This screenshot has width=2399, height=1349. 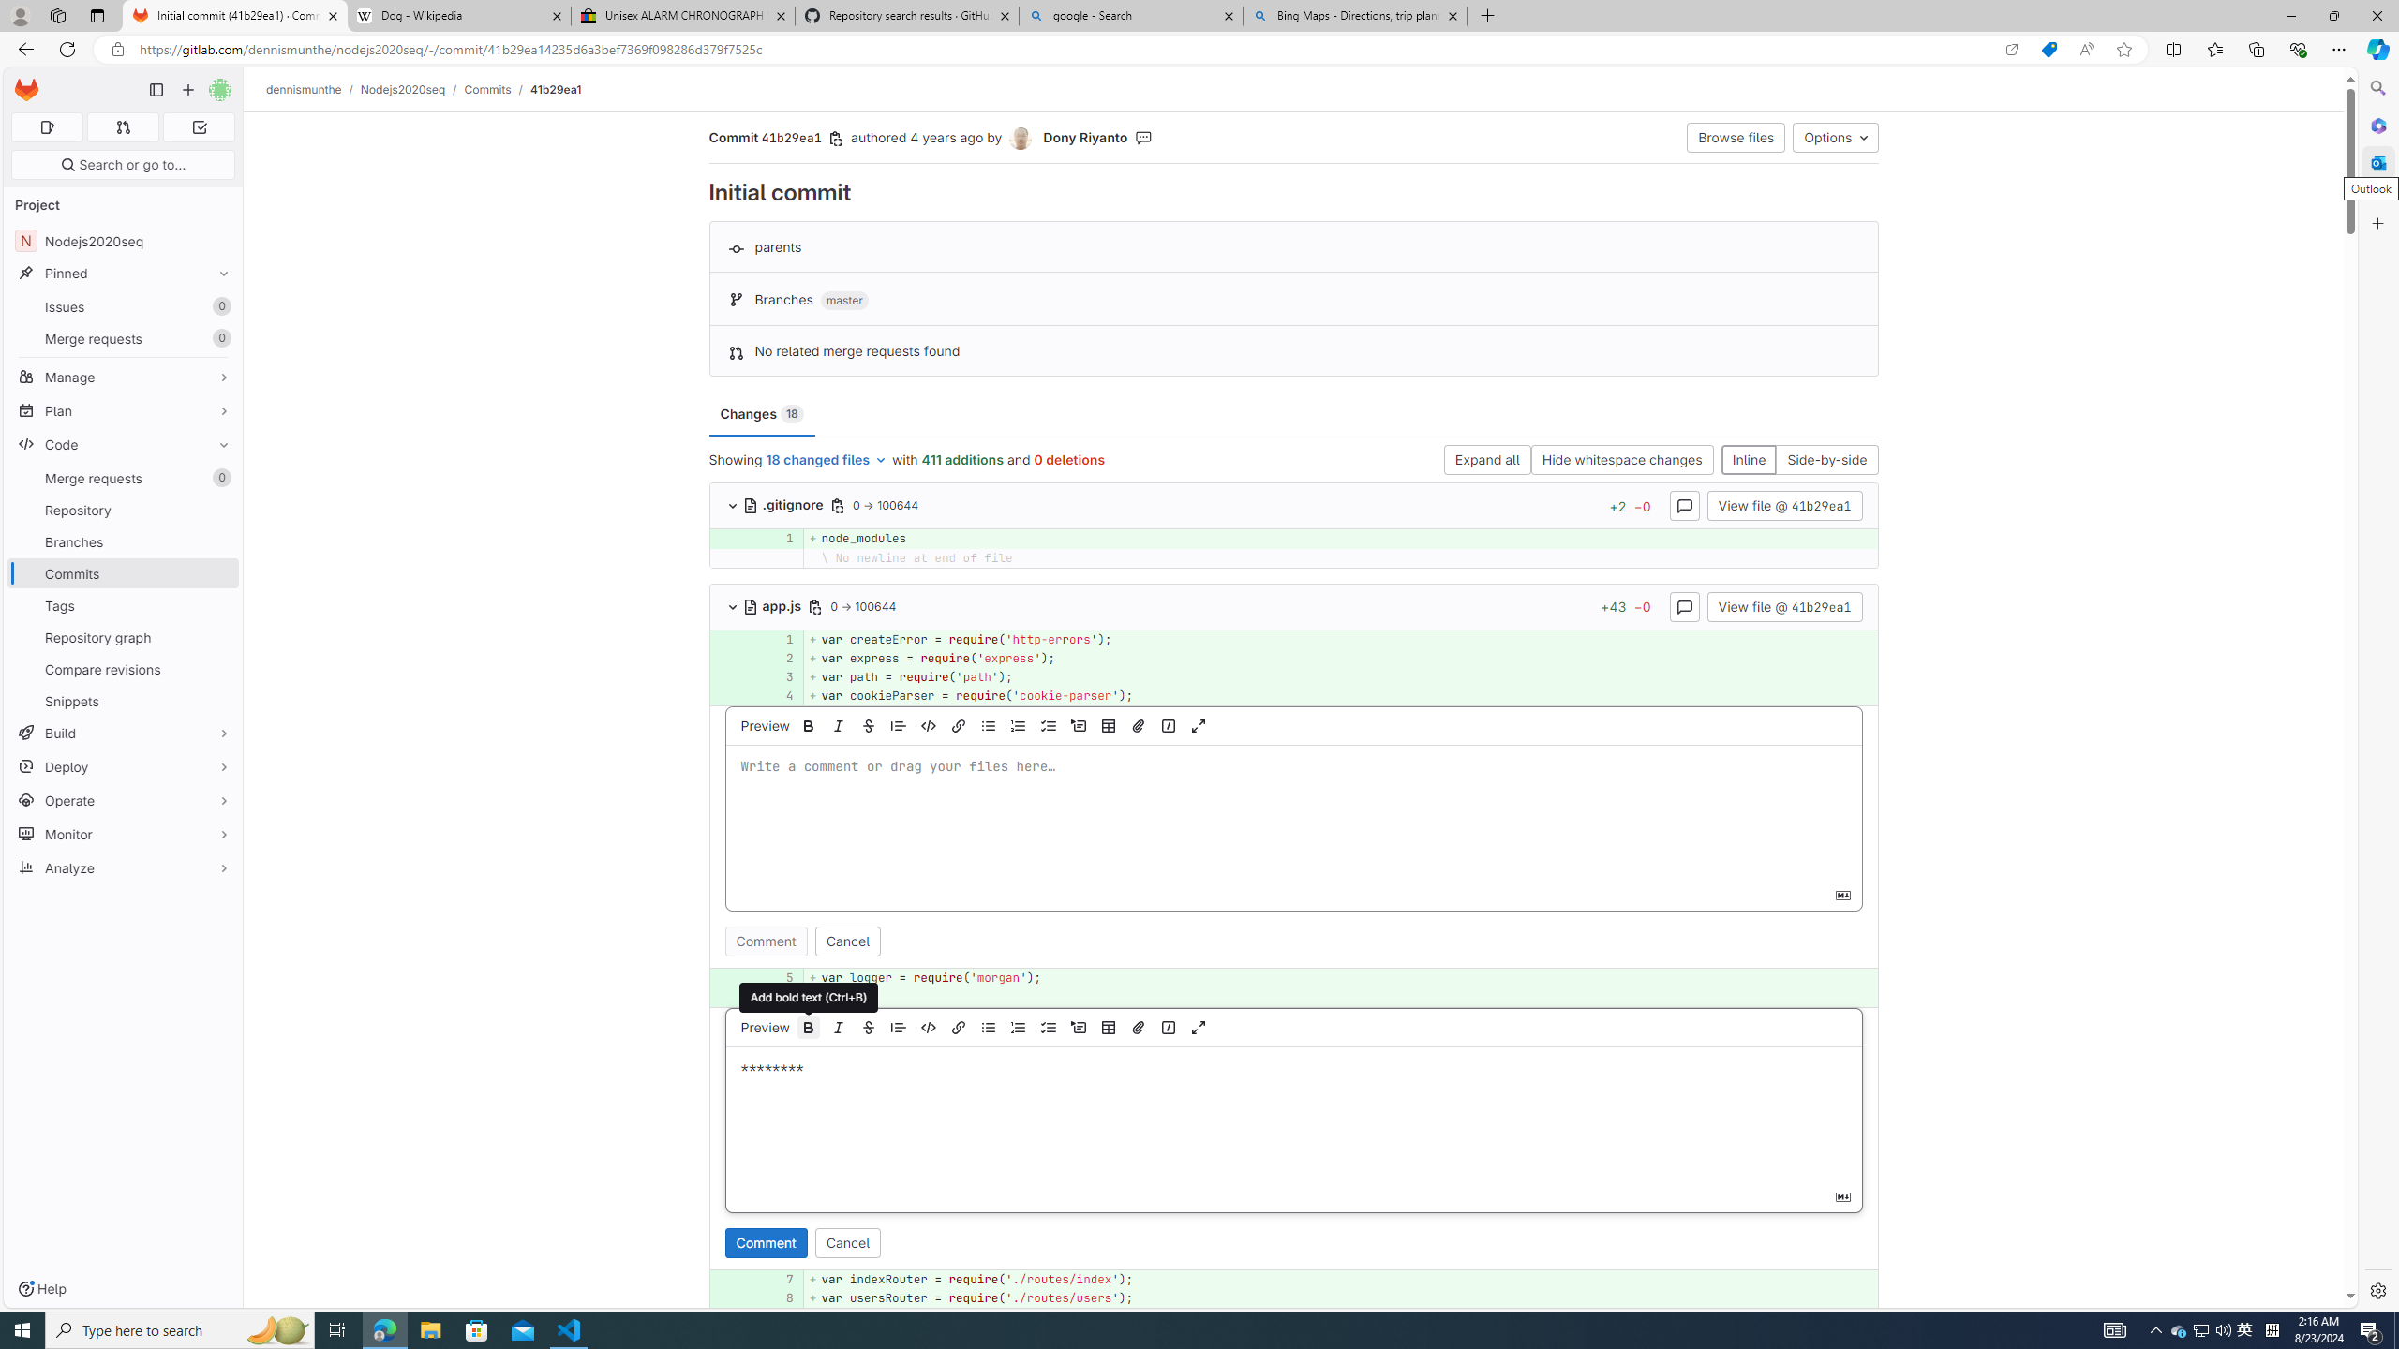 What do you see at coordinates (776, 675) in the screenshot?
I see `'3'` at bounding box center [776, 675].